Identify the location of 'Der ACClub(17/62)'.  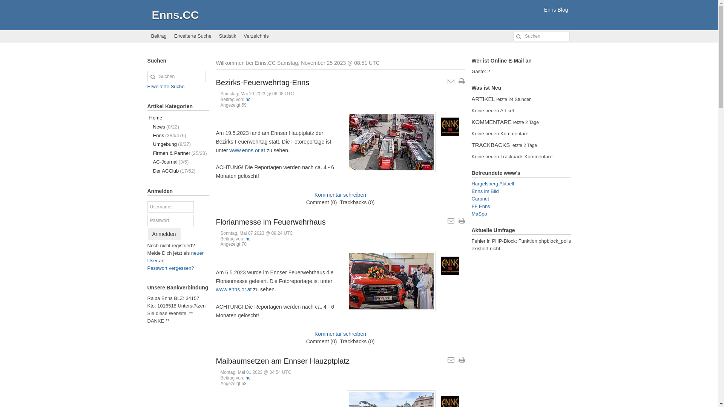
(177, 171).